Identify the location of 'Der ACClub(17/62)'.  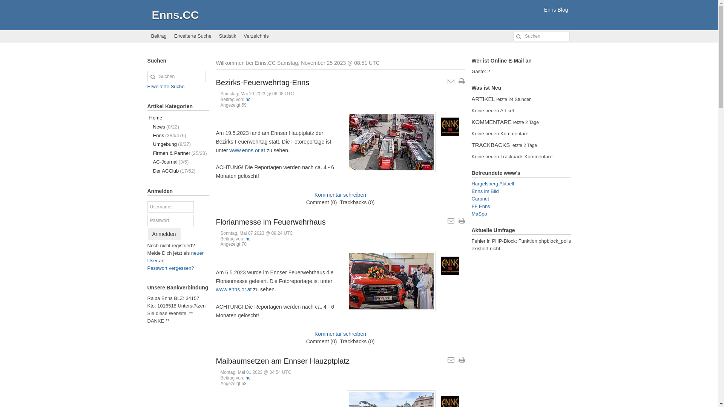
(177, 171).